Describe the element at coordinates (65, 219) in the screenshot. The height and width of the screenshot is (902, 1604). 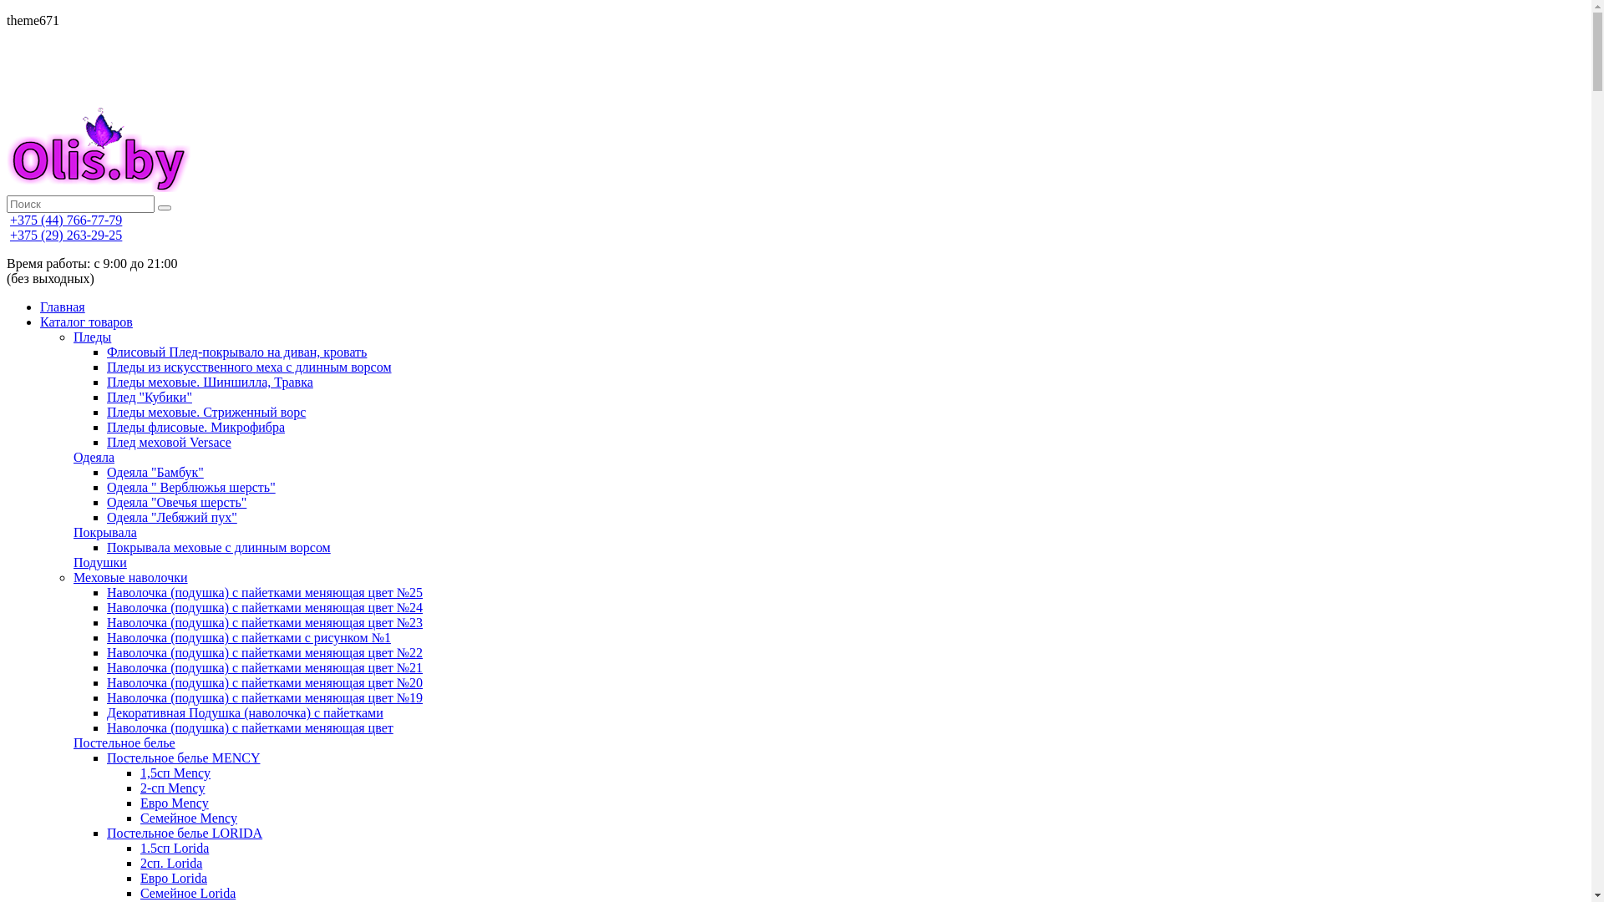
I see `'+375 (44) 766-77-79'` at that location.